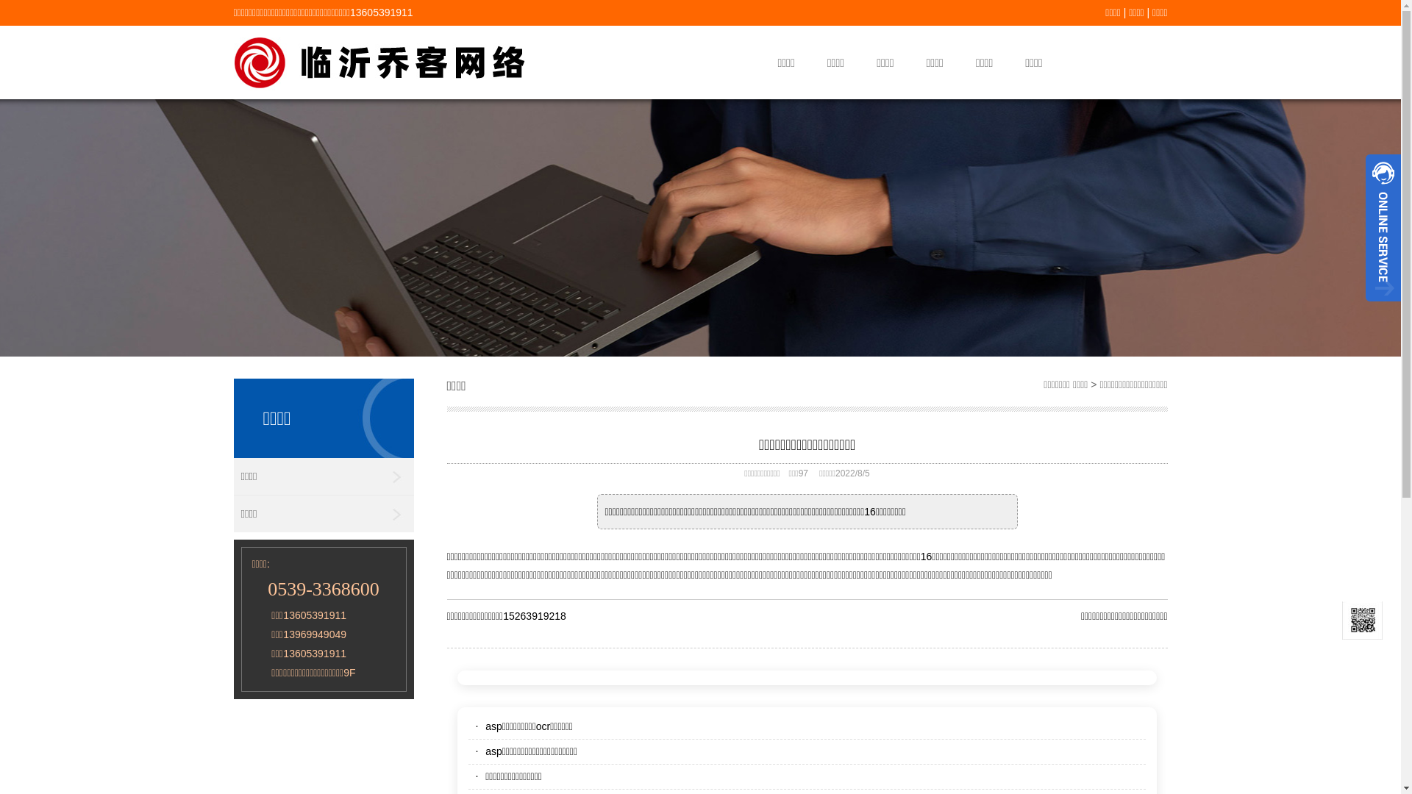  Describe the element at coordinates (1365, 306) in the screenshot. I see `' '` at that location.